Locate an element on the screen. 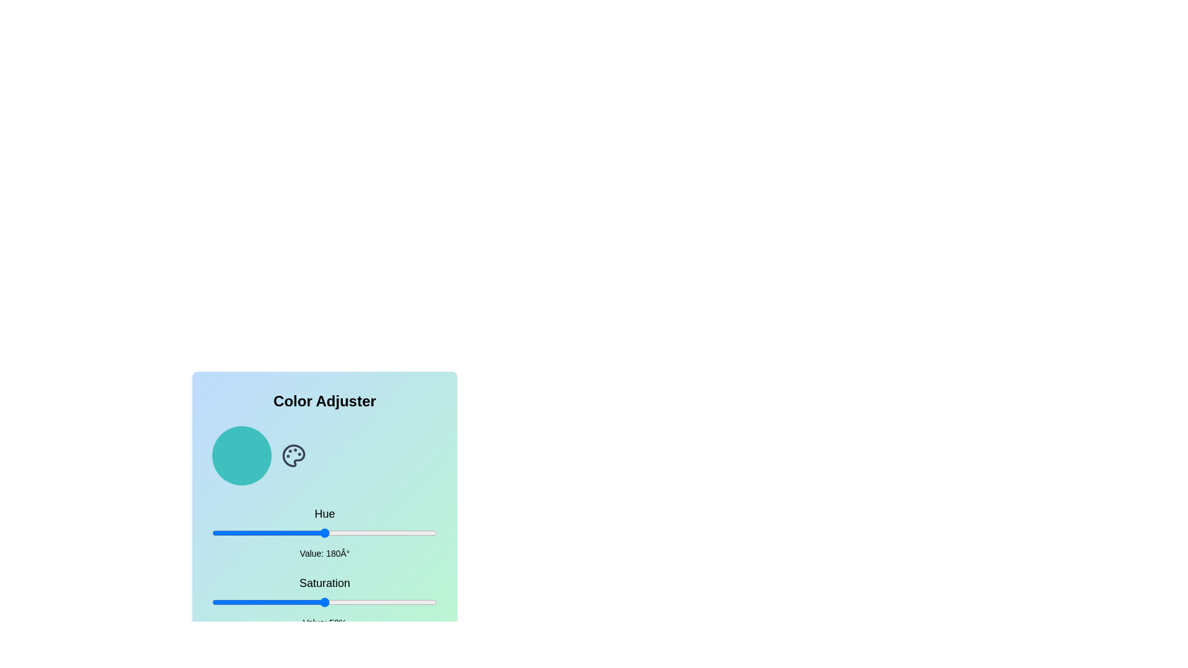 The image size is (1188, 668). the 'Color Adjuster' text is located at coordinates (324, 401).